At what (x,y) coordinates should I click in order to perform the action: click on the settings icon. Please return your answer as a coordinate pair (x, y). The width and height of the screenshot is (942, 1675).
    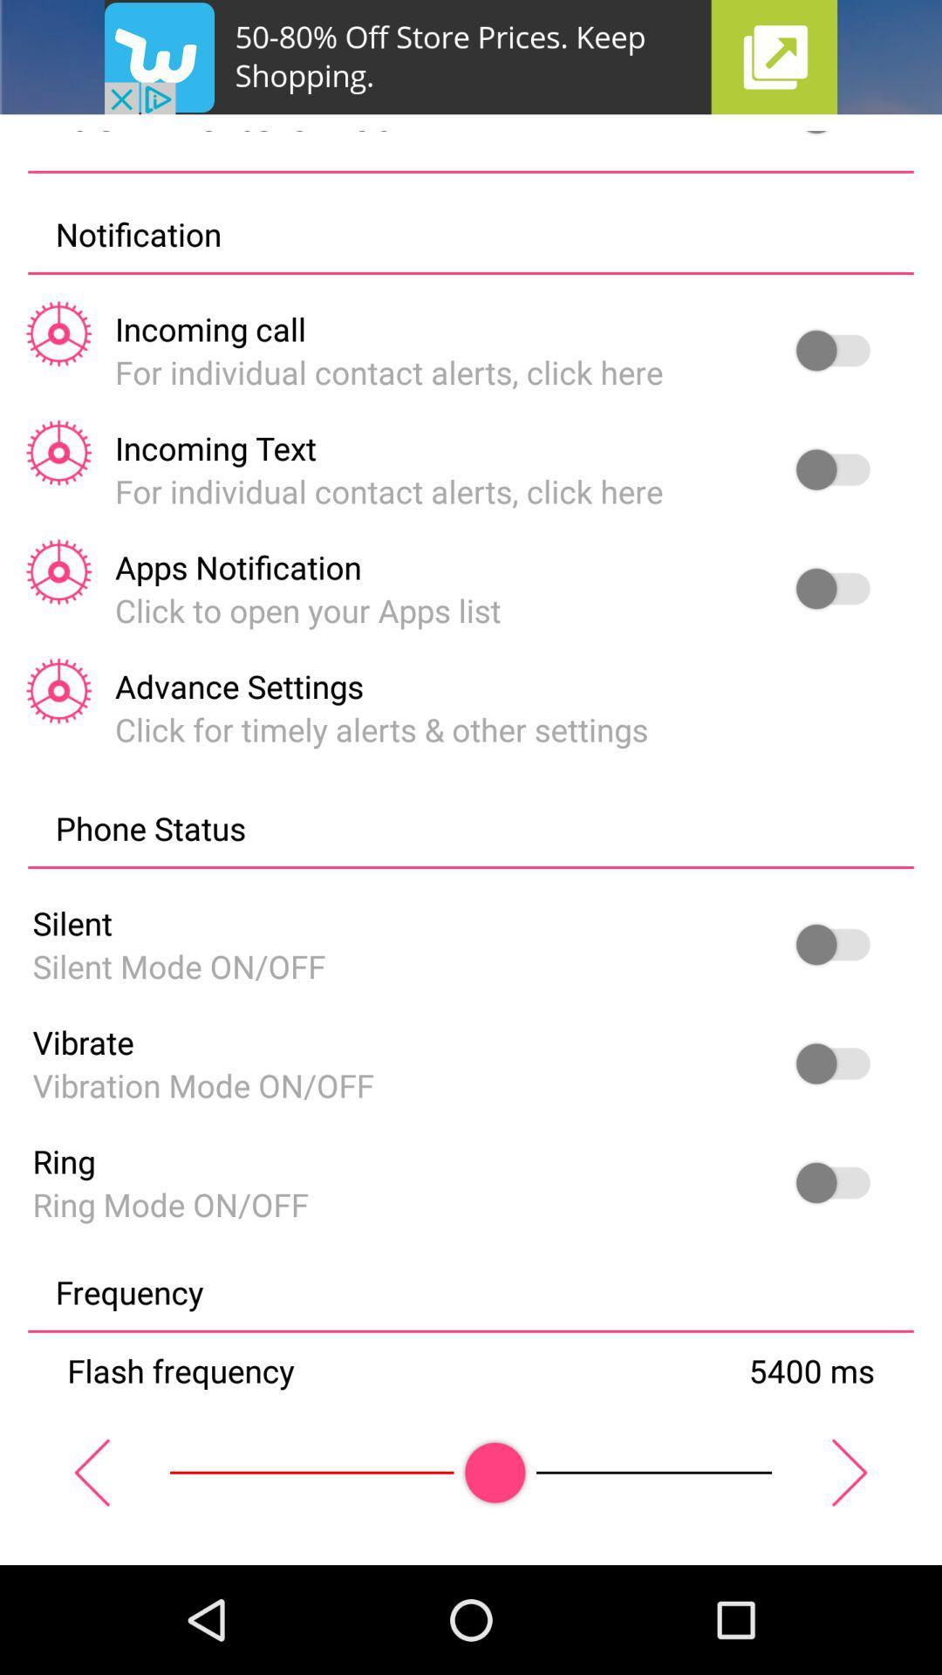
    Looking at the image, I should click on (56, 332).